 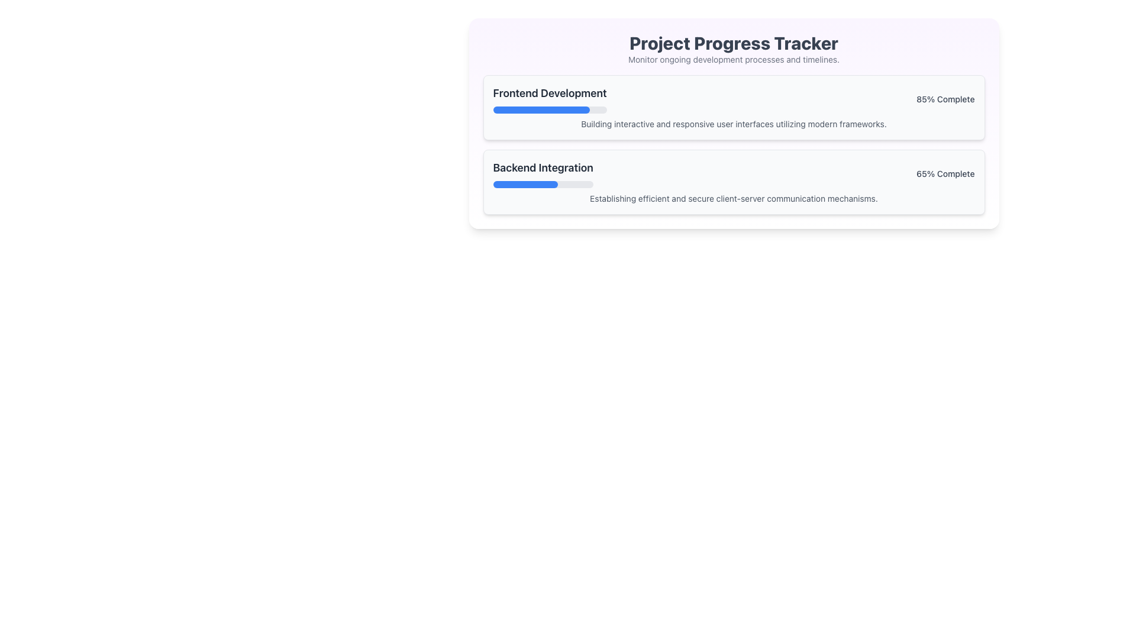 I want to click on the blue progress bar located in the 'Frontend Development' section of the progress tracker interface, so click(x=541, y=109).